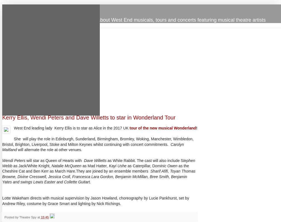  I want to click on 'Musical Theatre News', so click(2, 8).